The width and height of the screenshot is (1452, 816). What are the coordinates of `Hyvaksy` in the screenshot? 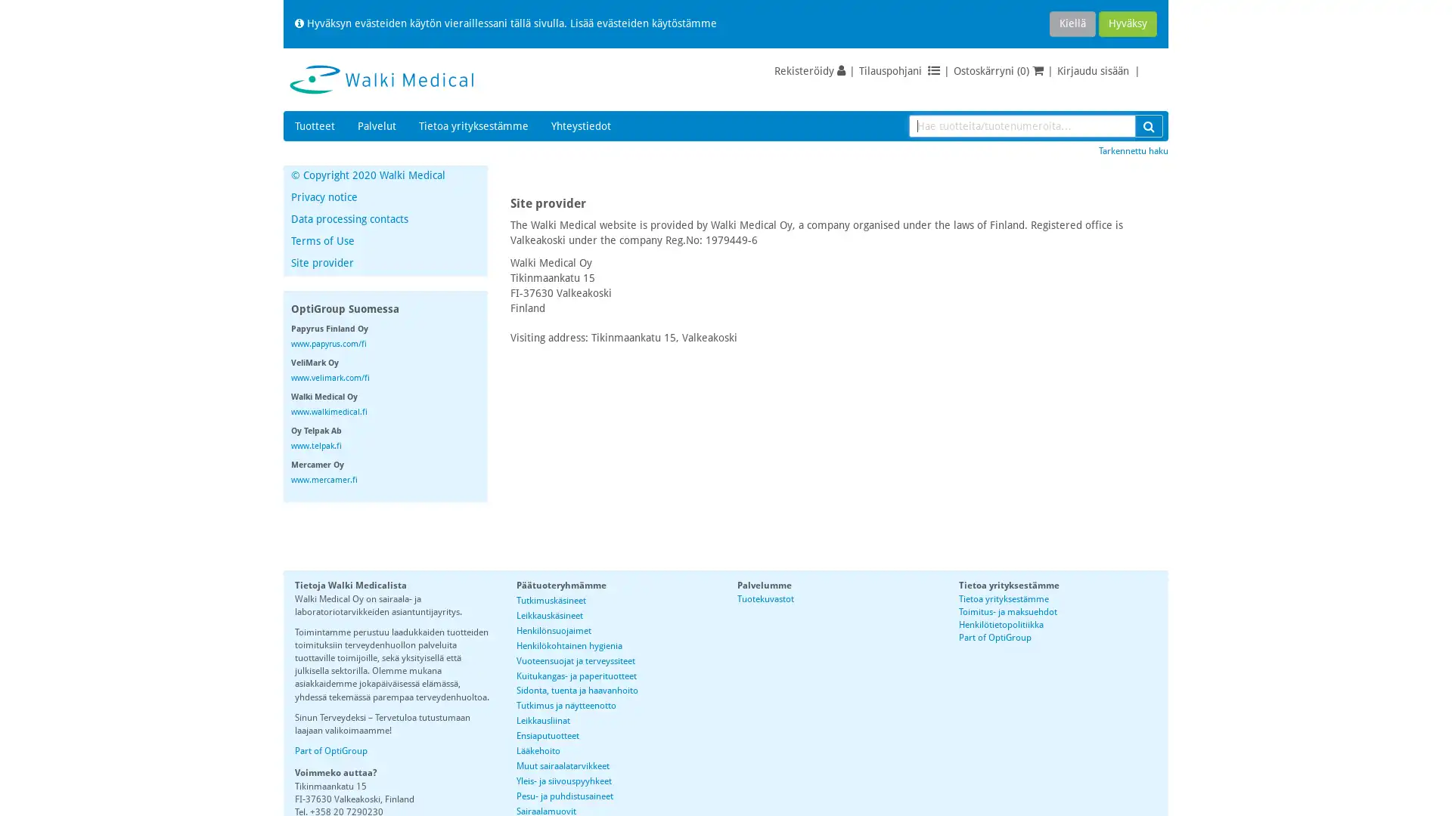 It's located at (1128, 23).